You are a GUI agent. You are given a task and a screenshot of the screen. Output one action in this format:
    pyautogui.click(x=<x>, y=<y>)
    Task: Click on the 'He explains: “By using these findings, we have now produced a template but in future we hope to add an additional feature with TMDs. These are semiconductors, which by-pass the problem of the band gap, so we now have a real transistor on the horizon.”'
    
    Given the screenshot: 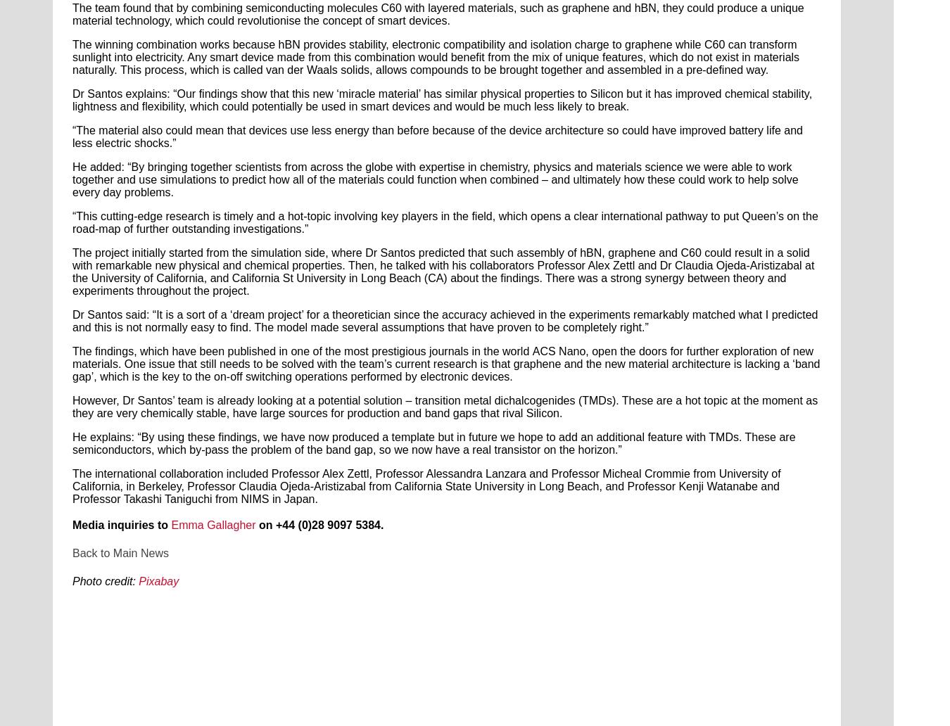 What is the action you would take?
    pyautogui.click(x=72, y=443)
    